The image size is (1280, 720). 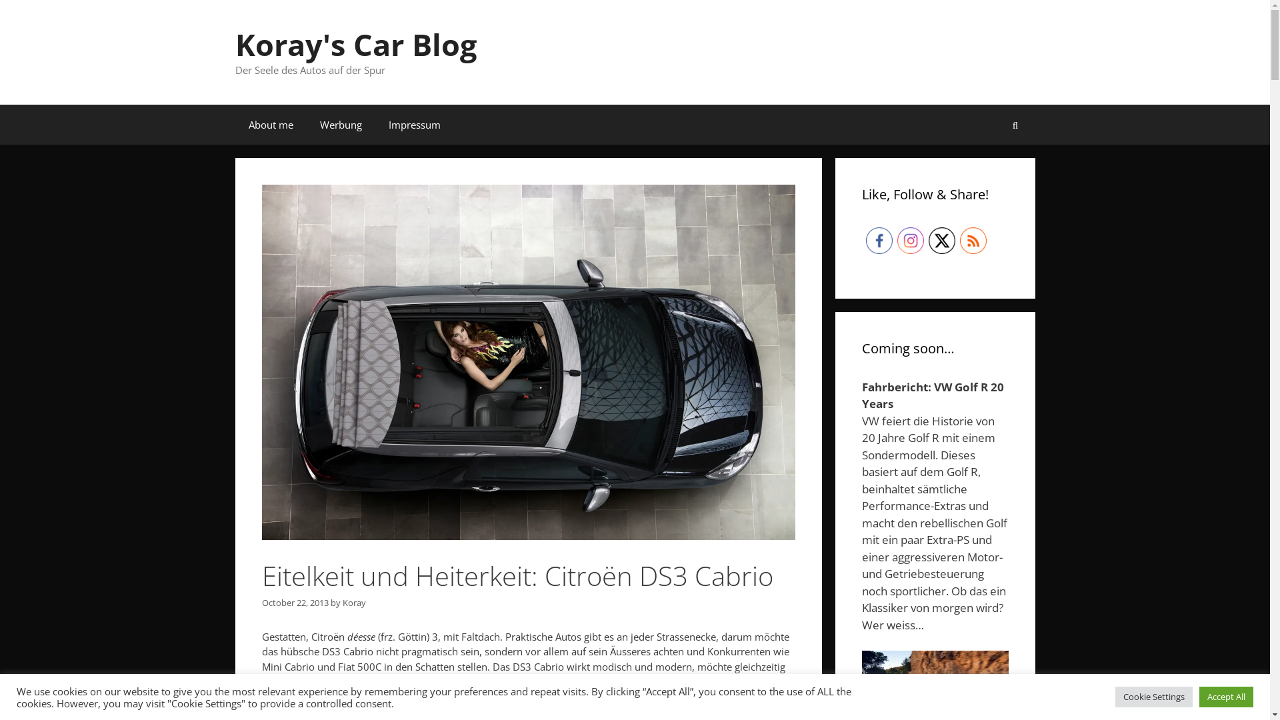 What do you see at coordinates (1153, 696) in the screenshot?
I see `'Cookie Settings'` at bounding box center [1153, 696].